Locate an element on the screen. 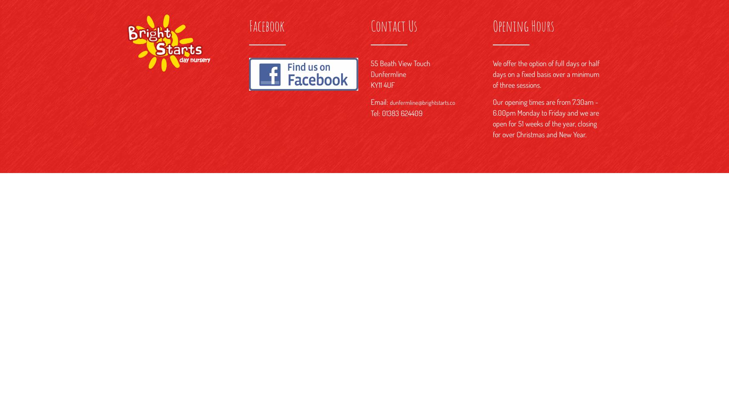  'Contact Us' is located at coordinates (394, 26).